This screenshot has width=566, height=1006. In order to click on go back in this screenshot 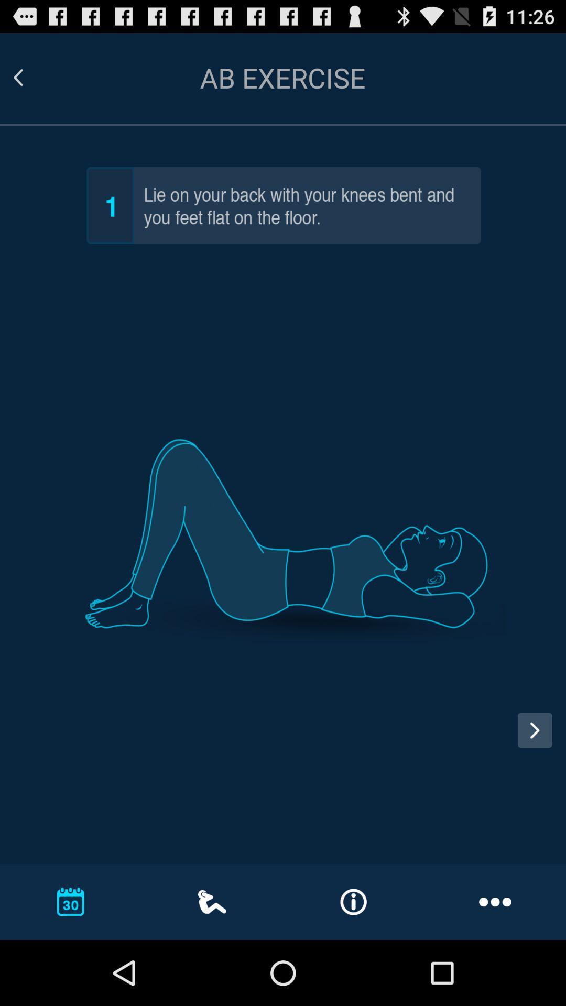, I will do `click(30, 77)`.